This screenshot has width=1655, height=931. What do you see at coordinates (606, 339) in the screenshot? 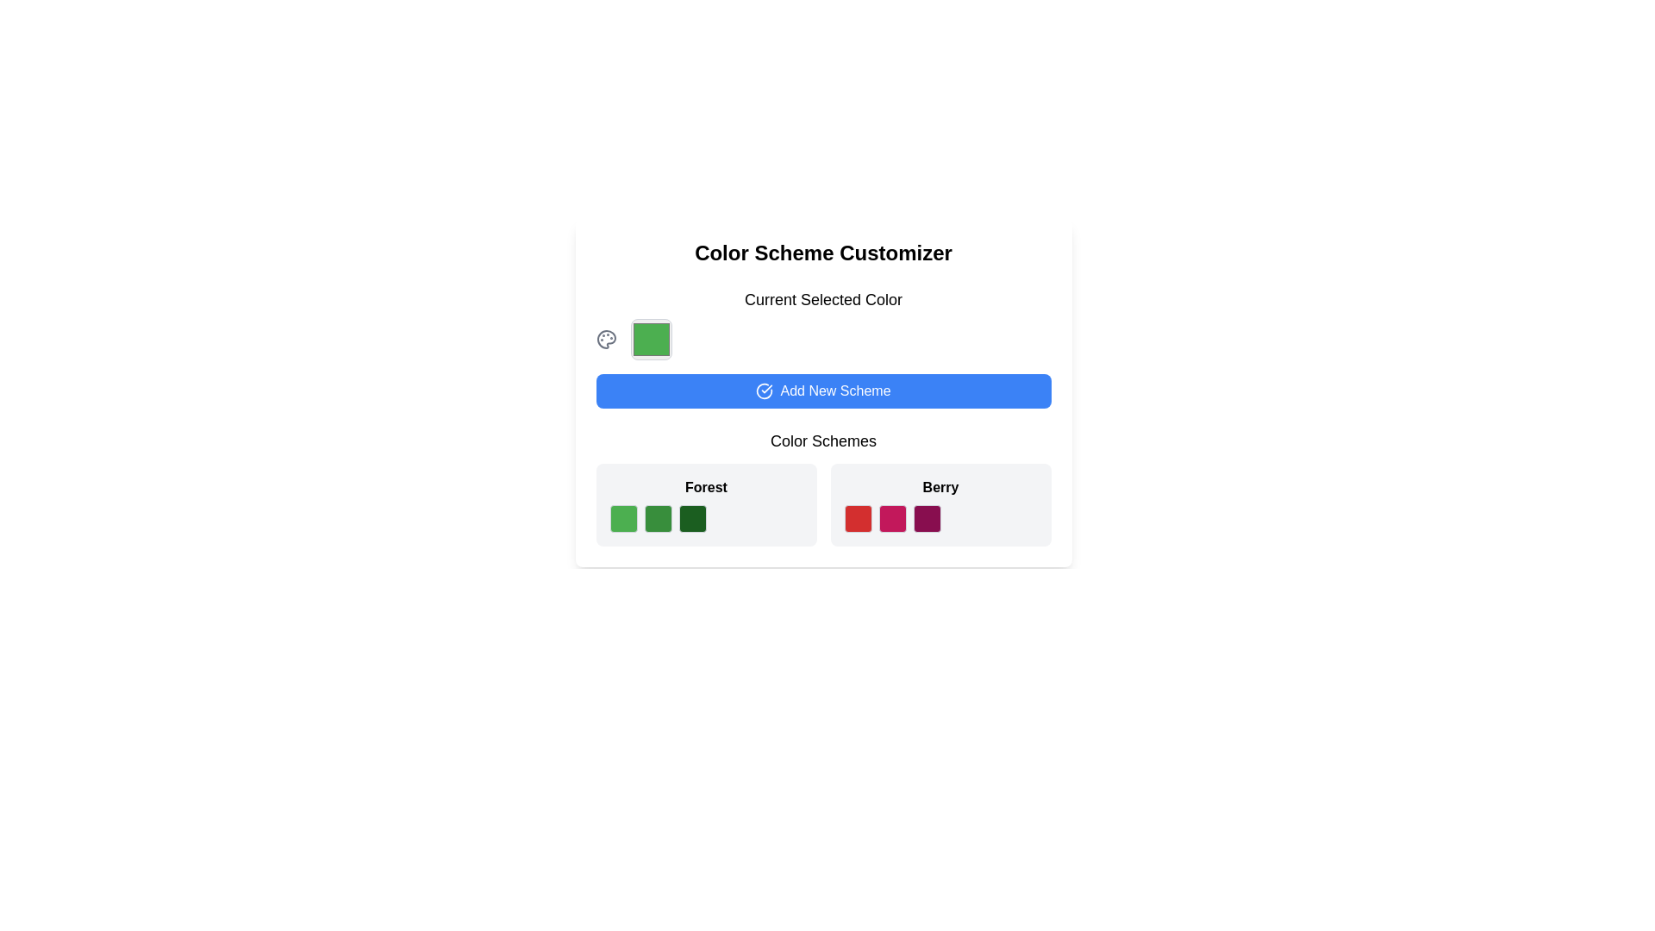
I see `the palette icon located at the top-left corner of the main panel, which serves as an identifier for customizing color schemes` at bounding box center [606, 339].